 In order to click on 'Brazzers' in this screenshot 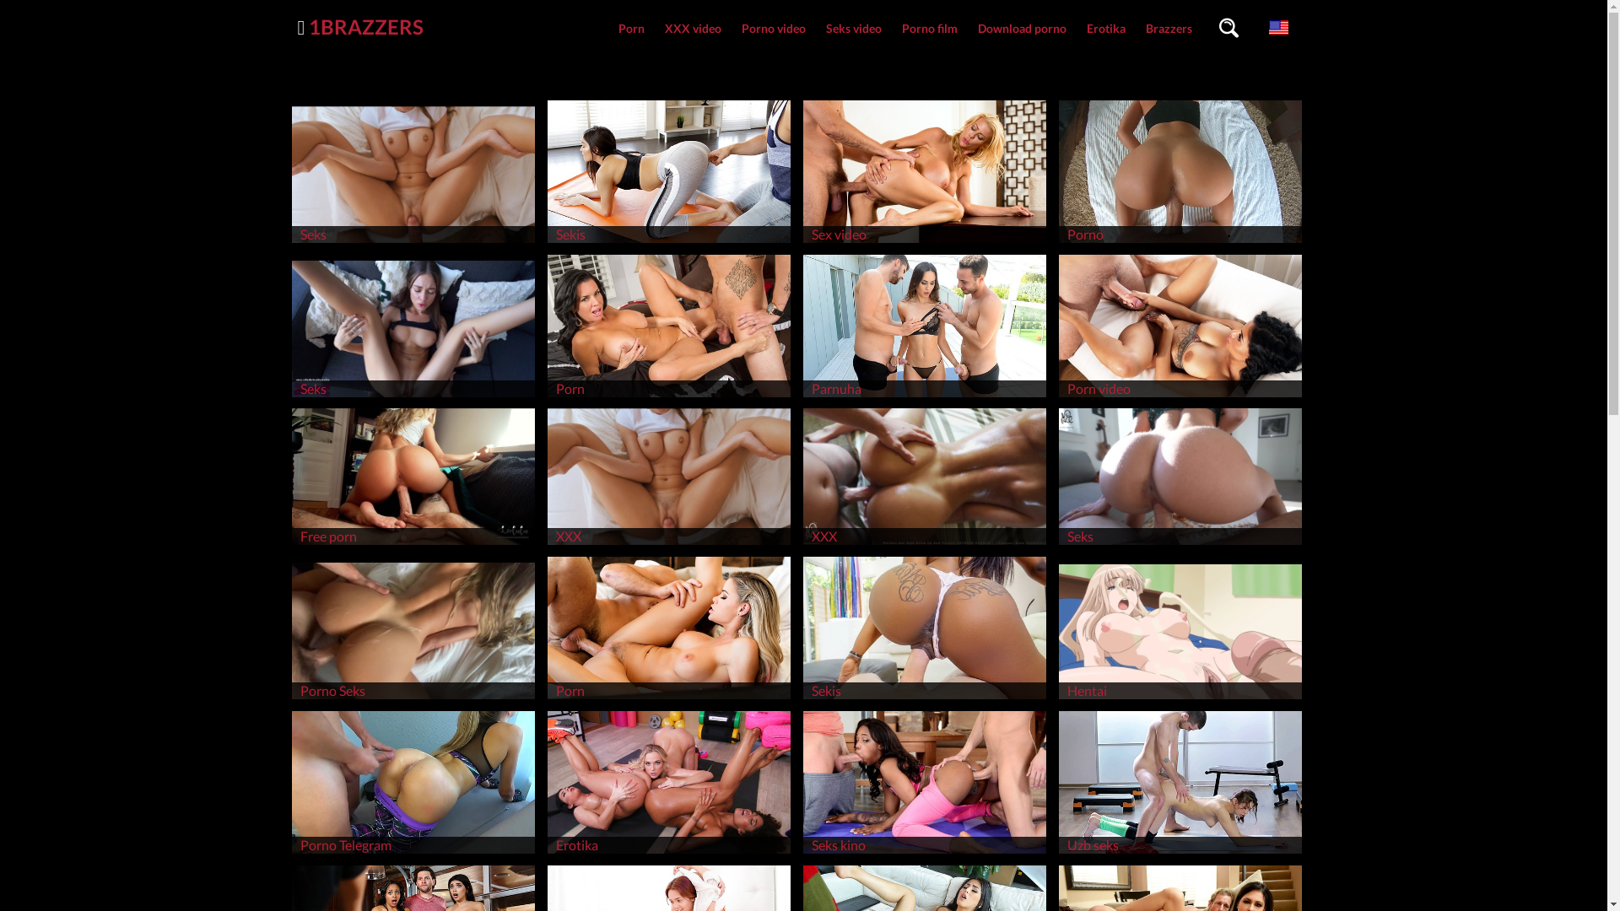, I will do `click(1168, 29)`.